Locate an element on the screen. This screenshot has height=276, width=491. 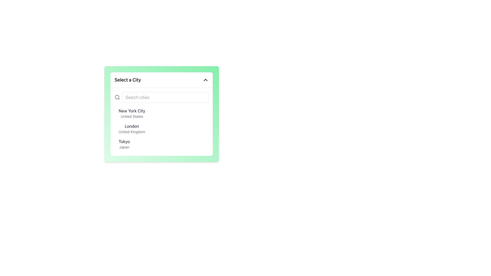
the second entry in the list of city options is located at coordinates (161, 129).